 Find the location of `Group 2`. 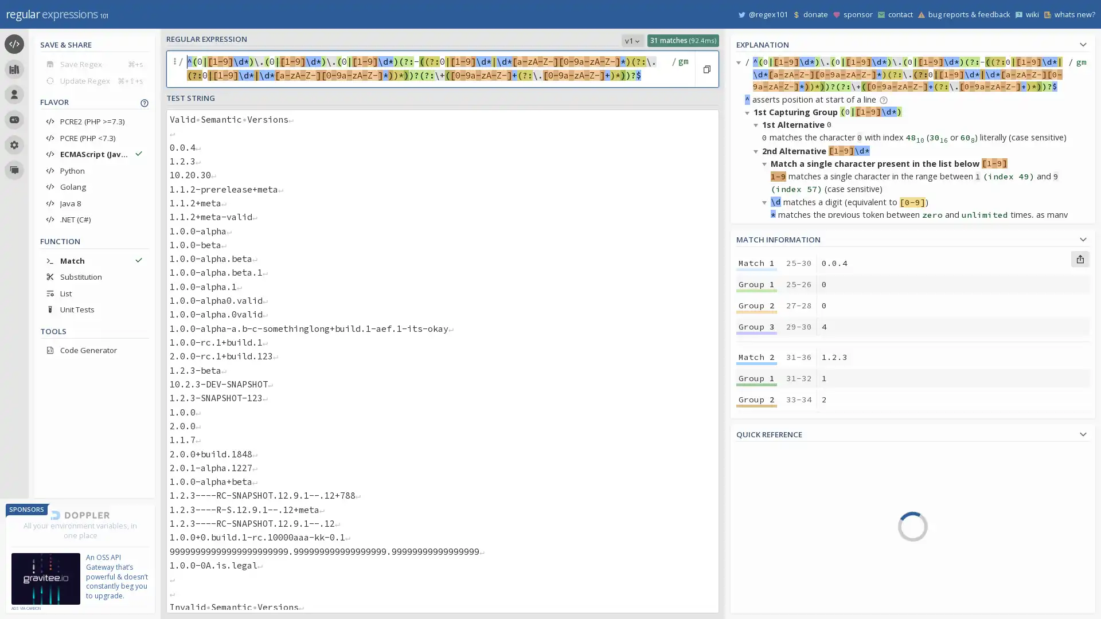

Group 2 is located at coordinates (756, 304).